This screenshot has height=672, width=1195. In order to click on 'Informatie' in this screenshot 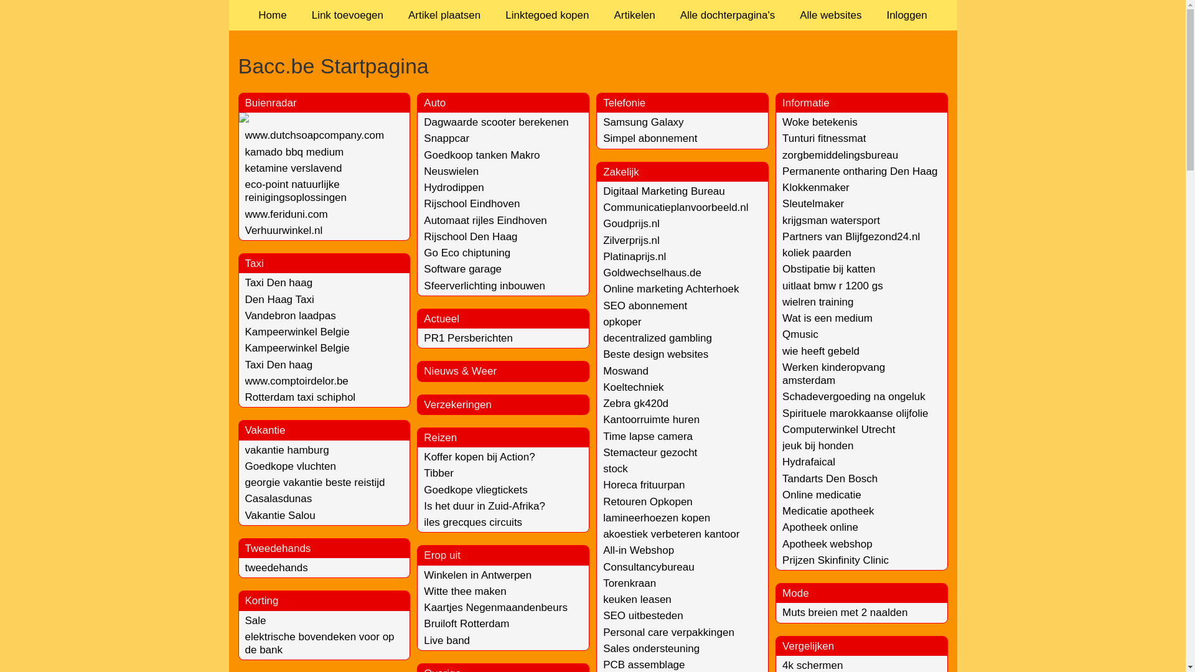, I will do `click(806, 102)`.